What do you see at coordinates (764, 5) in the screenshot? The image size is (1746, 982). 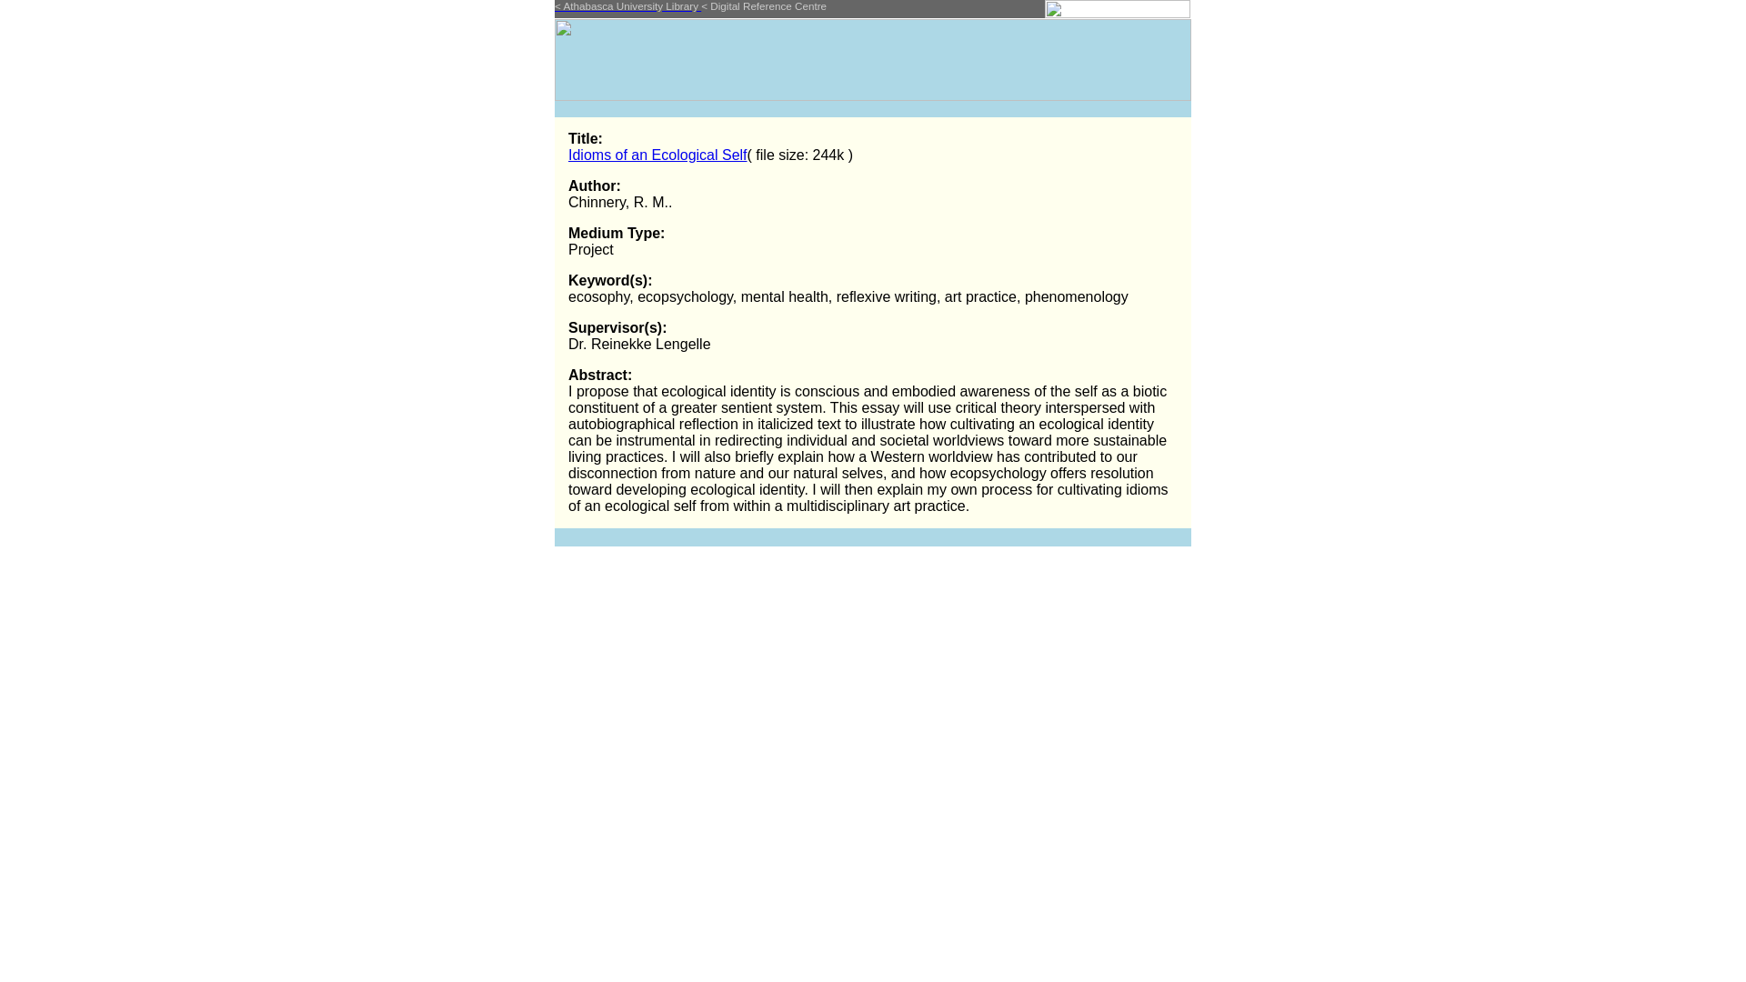 I see `'< Digital Reference Centre'` at bounding box center [764, 5].